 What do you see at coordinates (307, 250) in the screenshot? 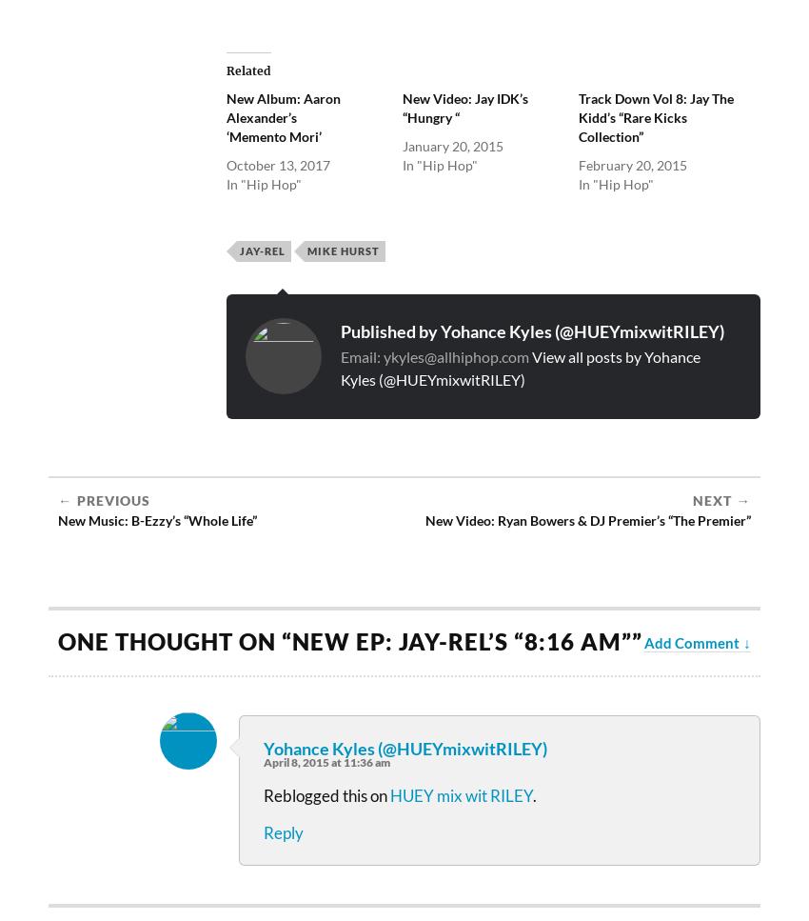
I see `'Mike Hurst'` at bounding box center [307, 250].